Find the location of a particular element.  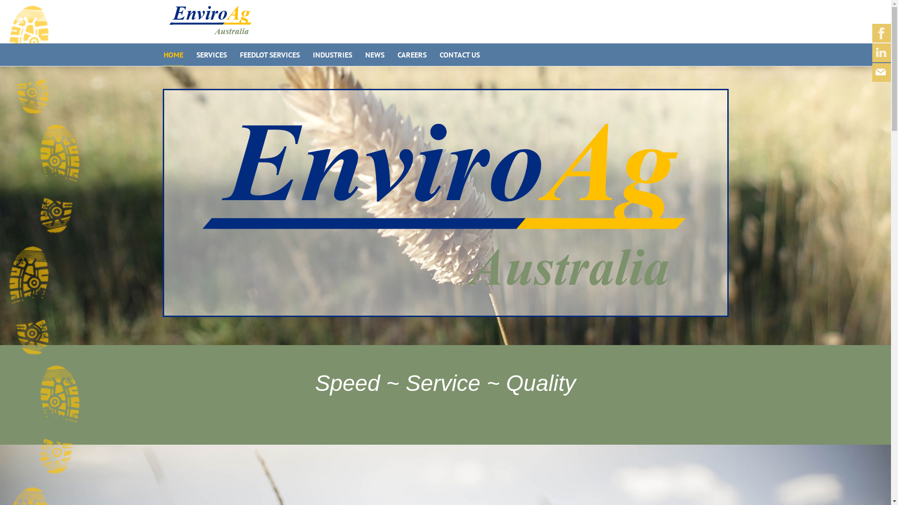

'INDUSTRIES' is located at coordinates (332, 54).